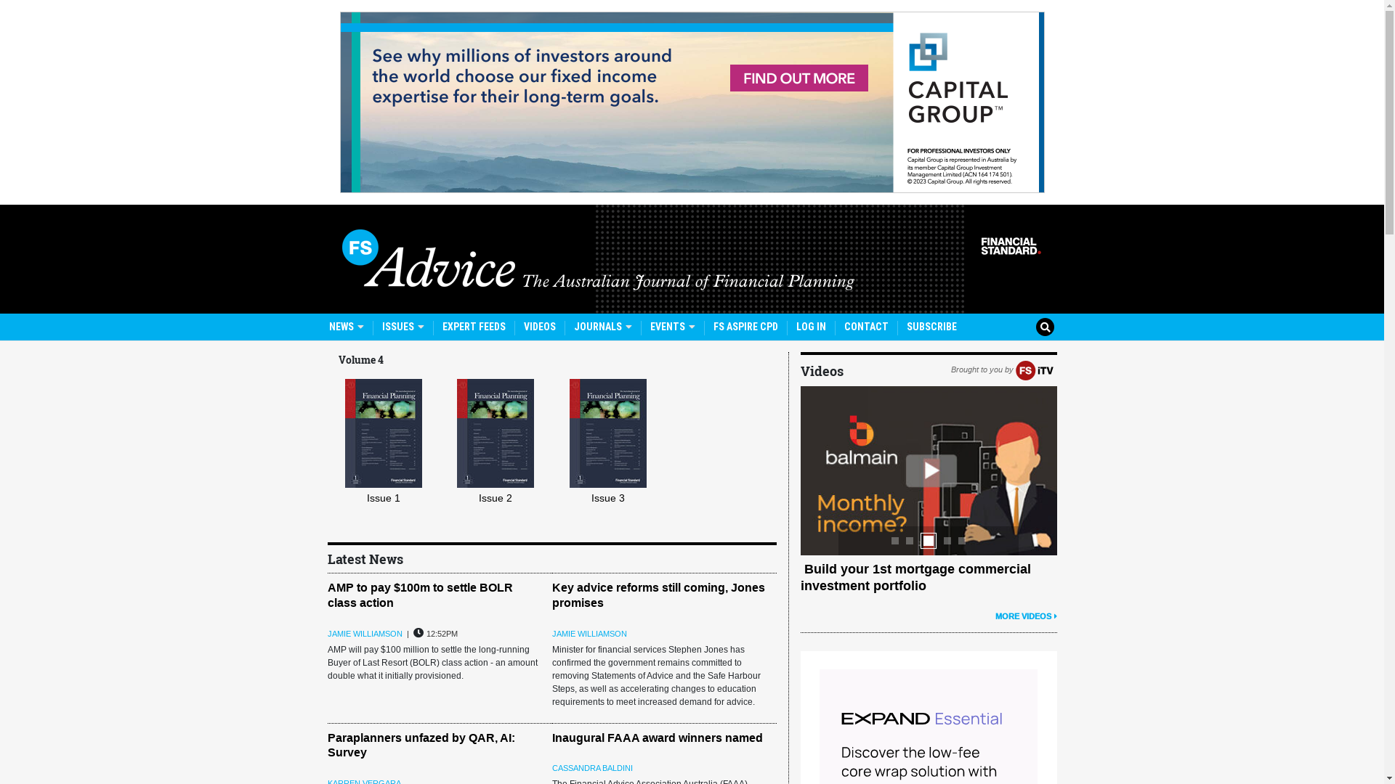  Describe the element at coordinates (403, 327) in the screenshot. I see `'ISSUES'` at that location.